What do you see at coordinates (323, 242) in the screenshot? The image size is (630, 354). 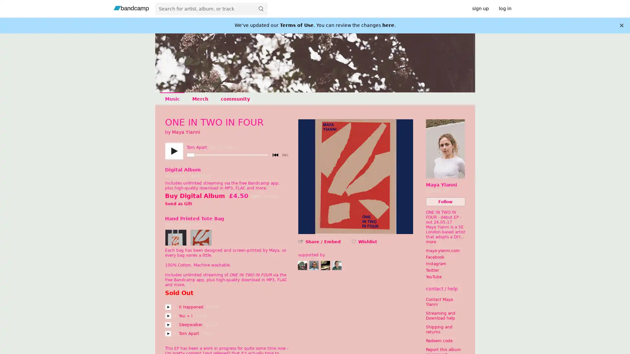 I see `Share / Embed` at bounding box center [323, 242].